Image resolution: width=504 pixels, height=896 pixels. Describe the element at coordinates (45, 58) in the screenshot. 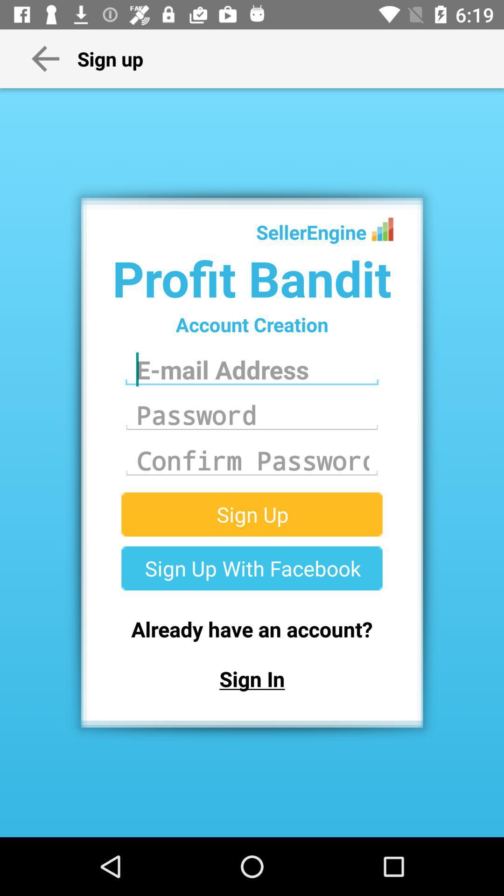

I see `the arrow beside sign up` at that location.